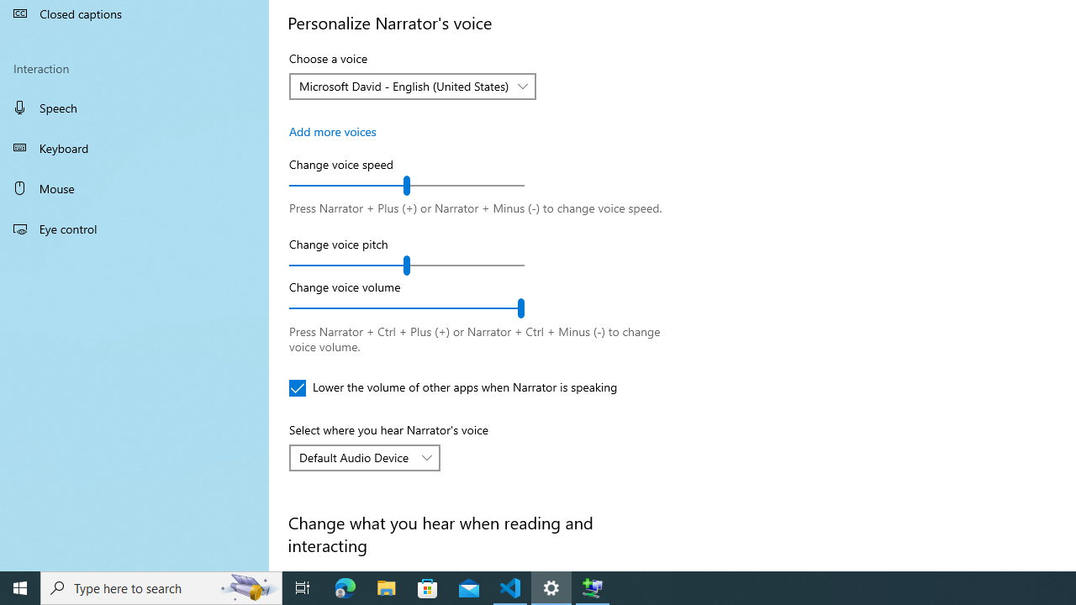  What do you see at coordinates (134, 107) in the screenshot?
I see `'Speech'` at bounding box center [134, 107].